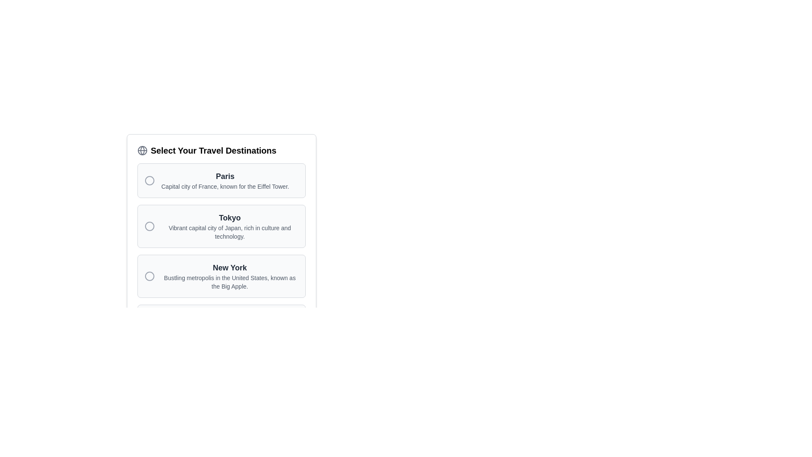 The height and width of the screenshot is (457, 812). I want to click on the unselected radio button for 'New York' in the 'Select Your Travel Destinations' list, so click(149, 276).